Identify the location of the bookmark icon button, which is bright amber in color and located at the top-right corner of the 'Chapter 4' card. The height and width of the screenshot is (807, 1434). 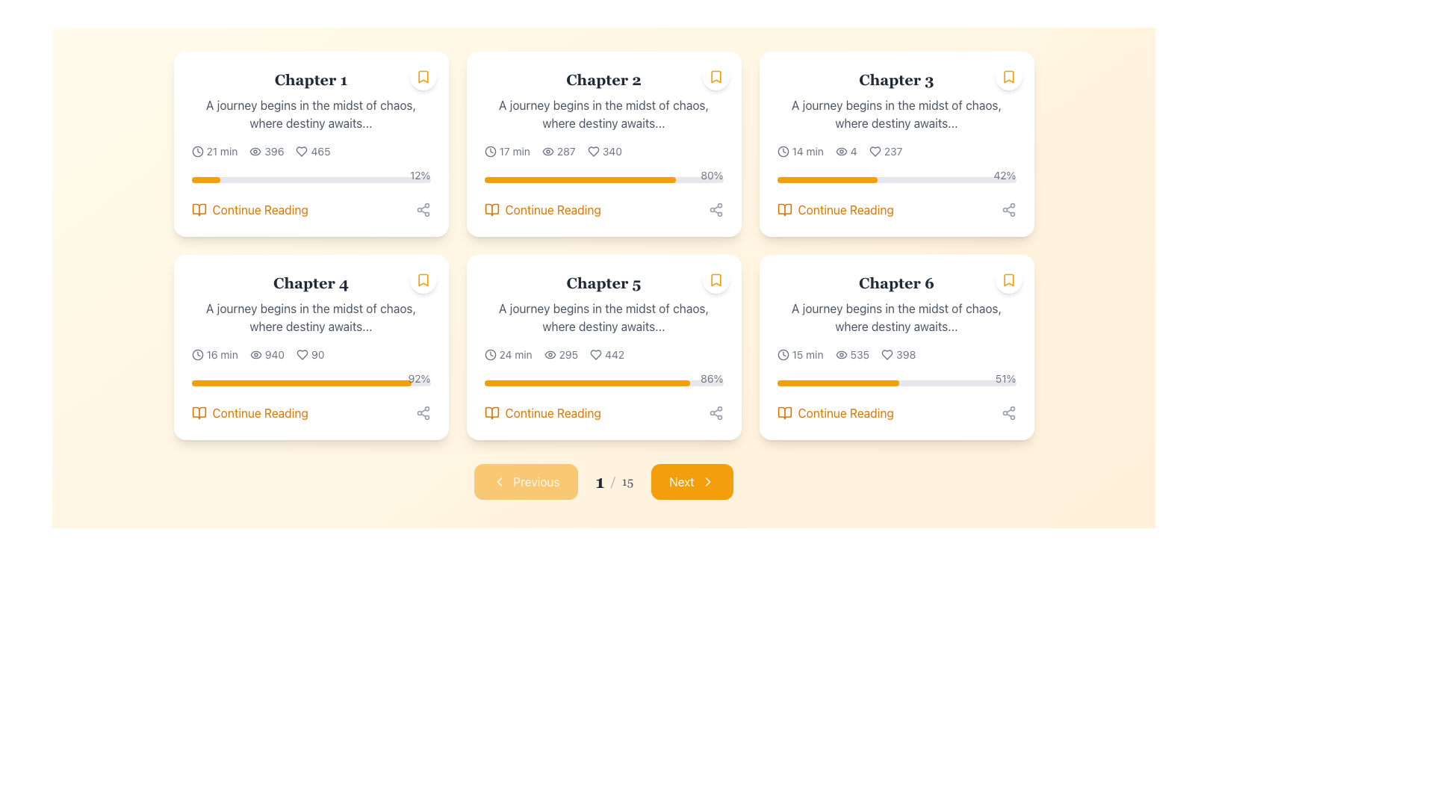
(422, 279).